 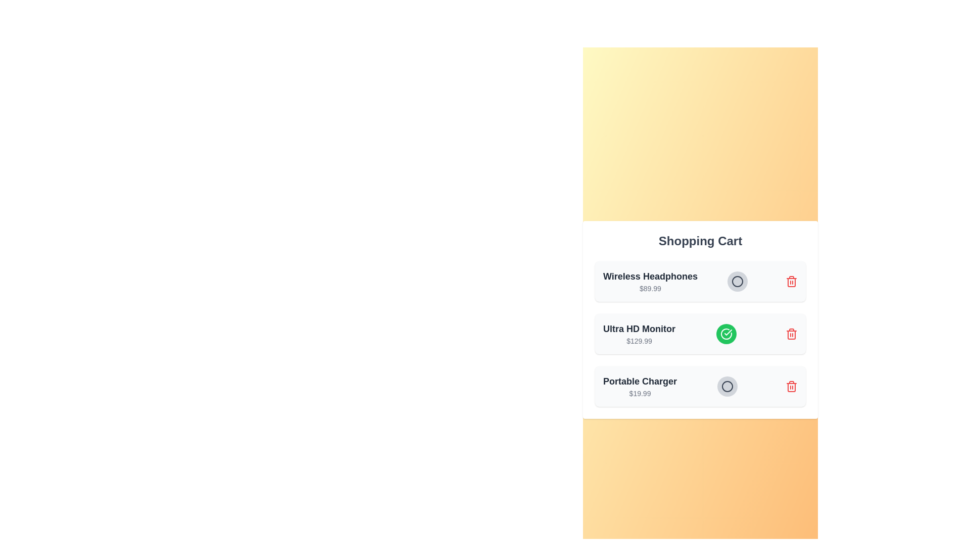 What do you see at coordinates (700, 241) in the screenshot?
I see `the shopping cart title to read it` at bounding box center [700, 241].